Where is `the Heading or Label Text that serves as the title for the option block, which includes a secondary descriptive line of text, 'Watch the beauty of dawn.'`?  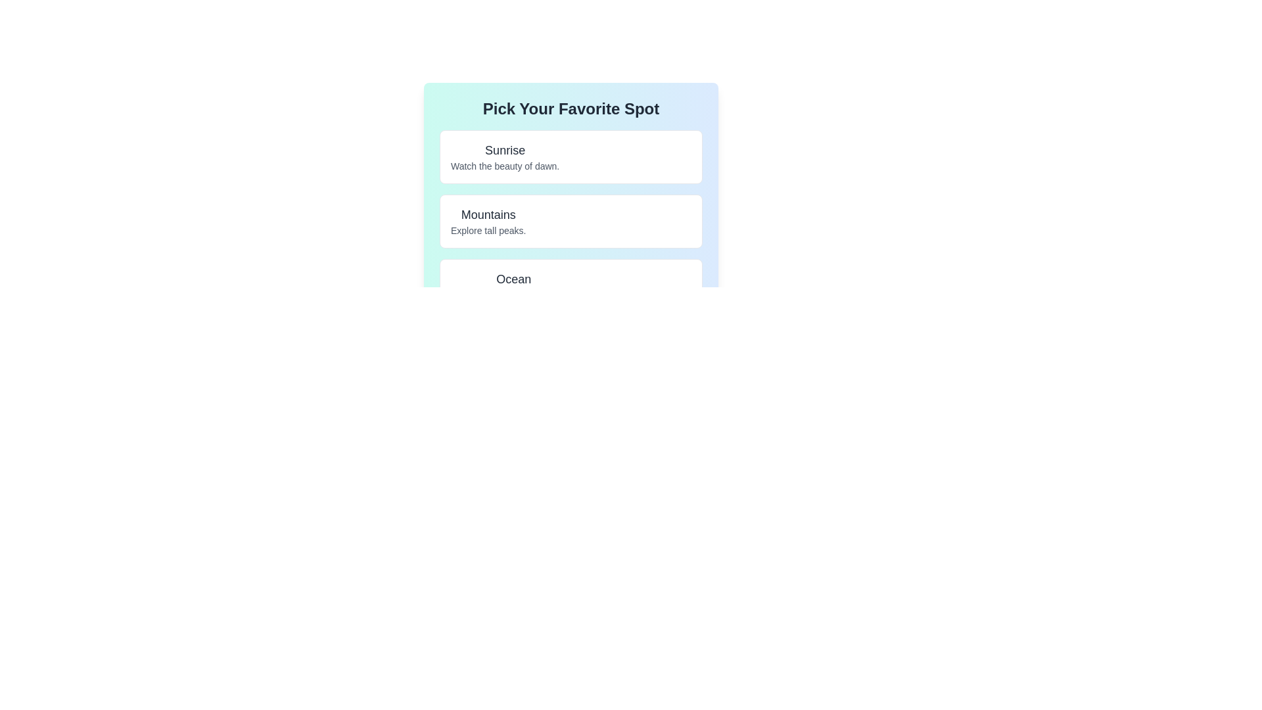 the Heading or Label Text that serves as the title for the option block, which includes a secondary descriptive line of text, 'Watch the beauty of dawn.' is located at coordinates (504, 149).